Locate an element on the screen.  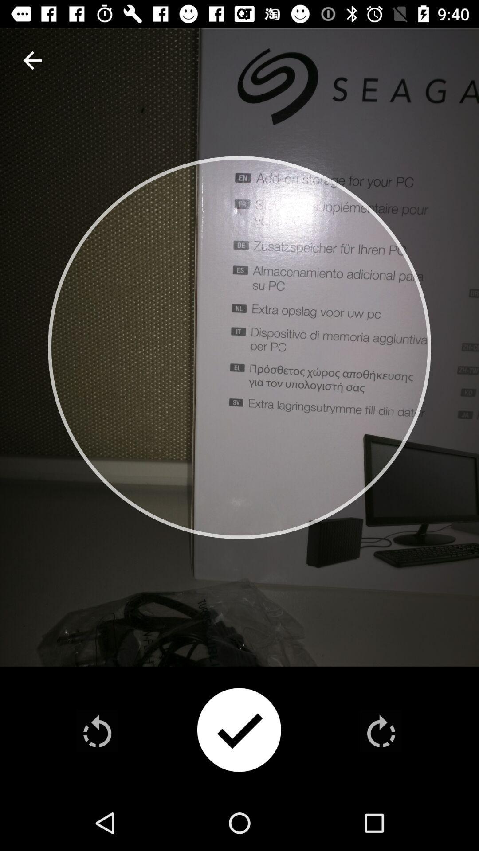
go ahead is located at coordinates (381, 731).